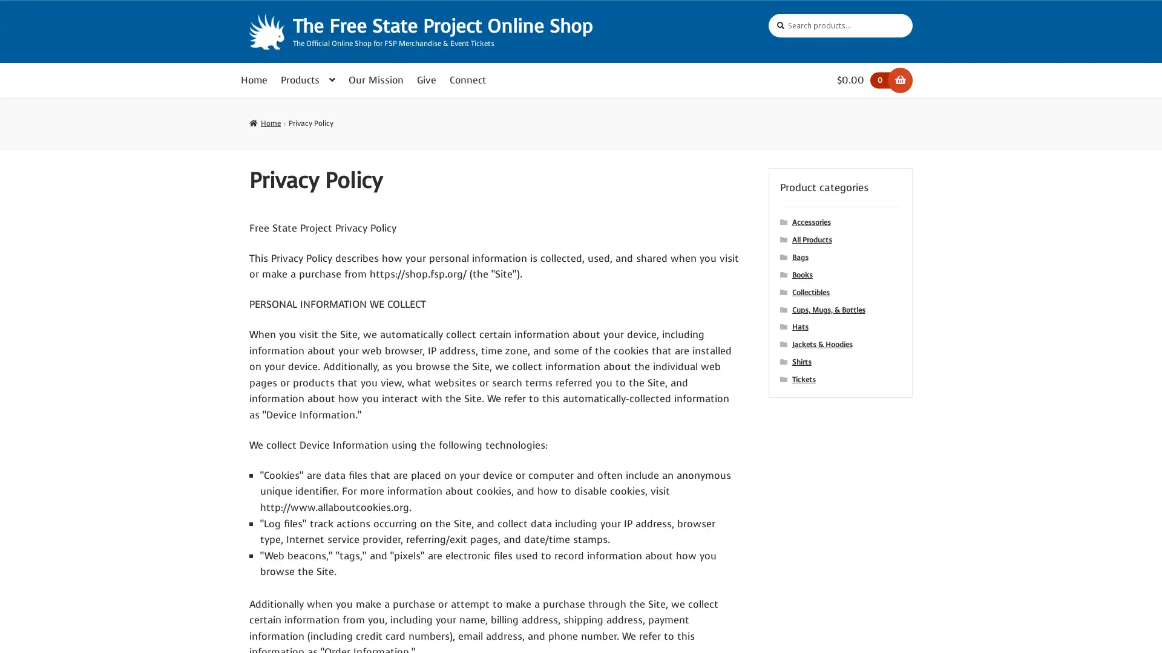 The height and width of the screenshot is (653, 1162). Describe the element at coordinates (767, 13) in the screenshot. I see `Search` at that location.